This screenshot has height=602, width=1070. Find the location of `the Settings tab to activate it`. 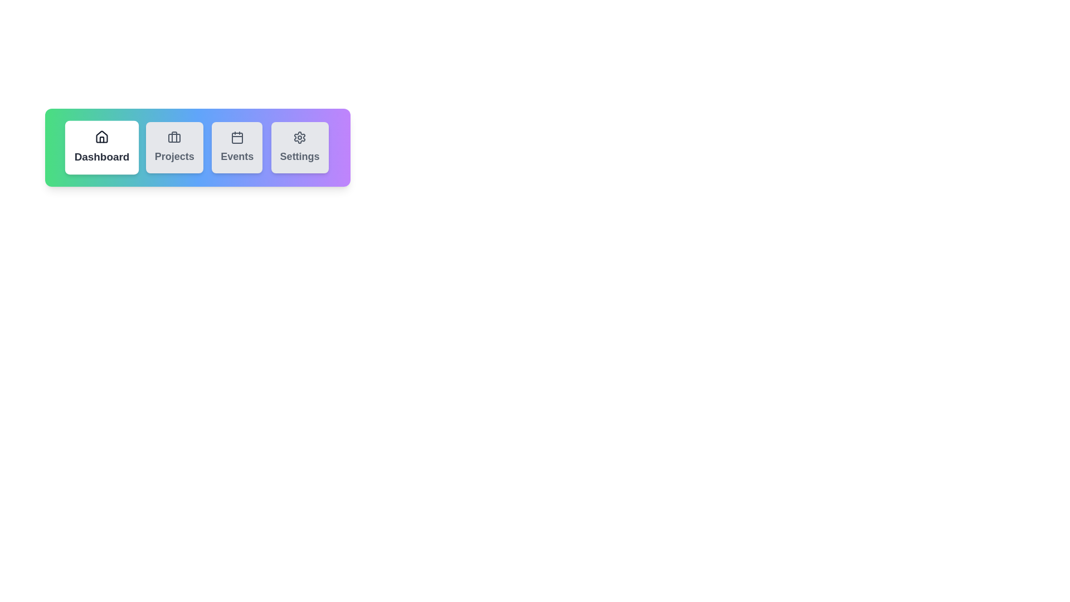

the Settings tab to activate it is located at coordinates (299, 147).